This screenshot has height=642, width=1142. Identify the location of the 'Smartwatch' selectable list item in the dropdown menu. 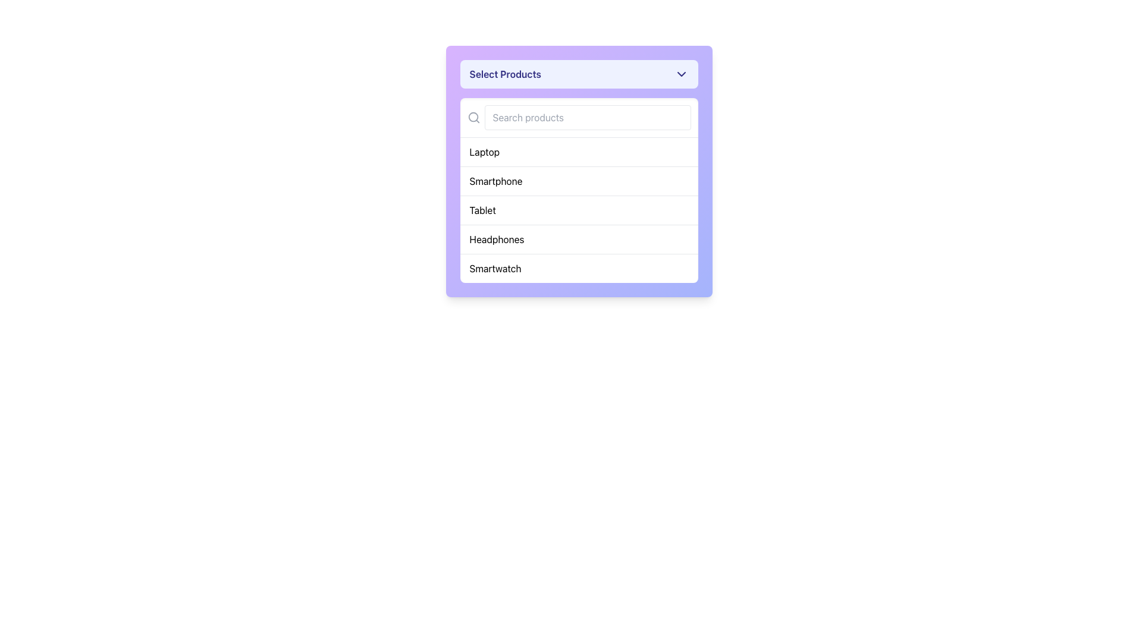
(495, 268).